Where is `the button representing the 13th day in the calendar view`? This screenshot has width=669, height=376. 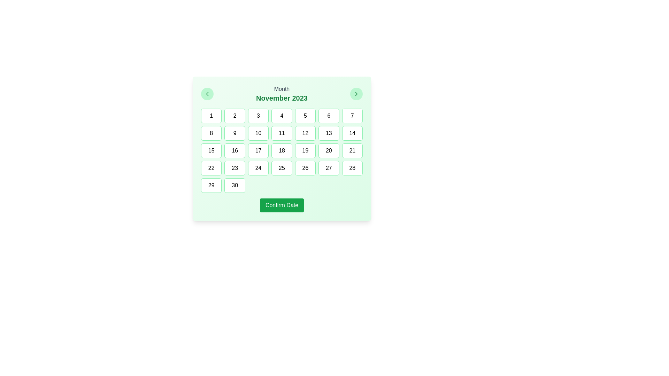 the button representing the 13th day in the calendar view is located at coordinates (328, 133).